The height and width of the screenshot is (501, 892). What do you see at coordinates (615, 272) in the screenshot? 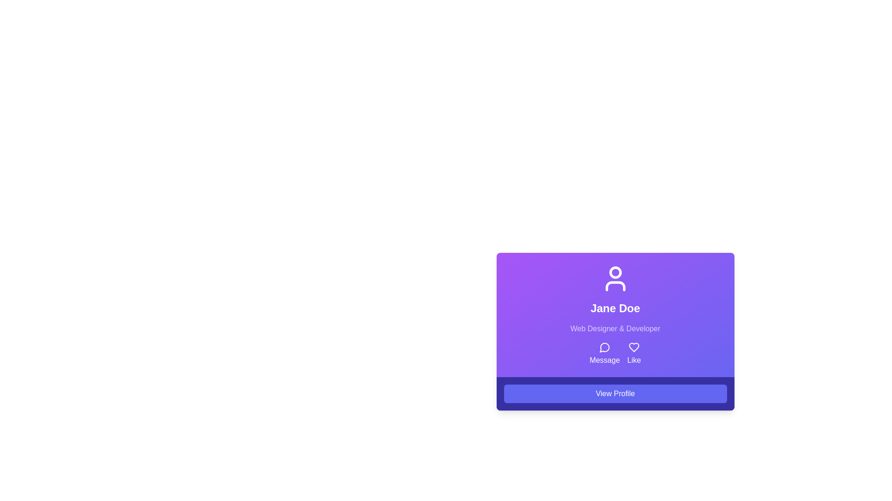
I see `the circular purple graphical icon located at the top center of the card, above the name 'Jane Doe'` at bounding box center [615, 272].